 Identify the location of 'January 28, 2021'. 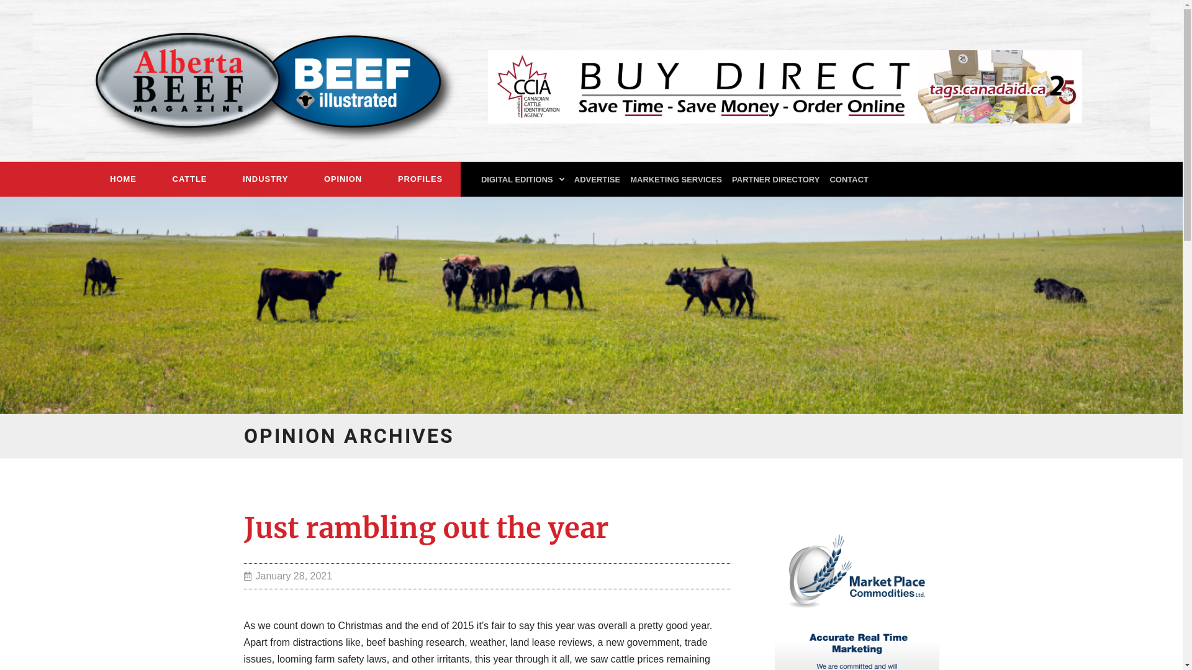
(287, 576).